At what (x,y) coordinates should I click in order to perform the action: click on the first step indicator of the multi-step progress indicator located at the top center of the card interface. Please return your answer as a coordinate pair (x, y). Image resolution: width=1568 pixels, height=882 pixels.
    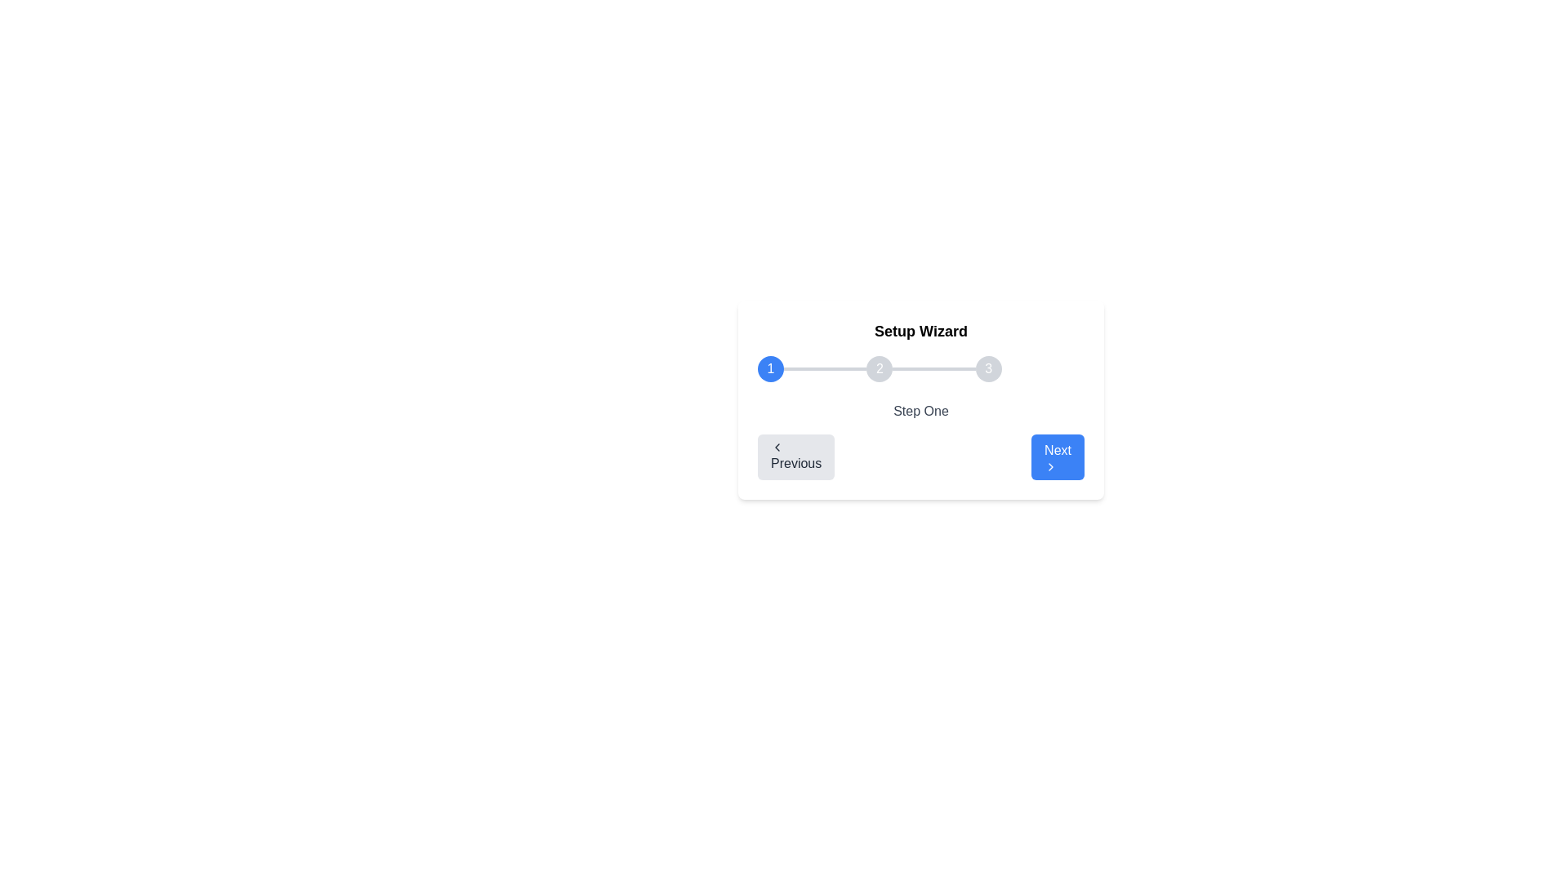
    Looking at the image, I should click on (812, 368).